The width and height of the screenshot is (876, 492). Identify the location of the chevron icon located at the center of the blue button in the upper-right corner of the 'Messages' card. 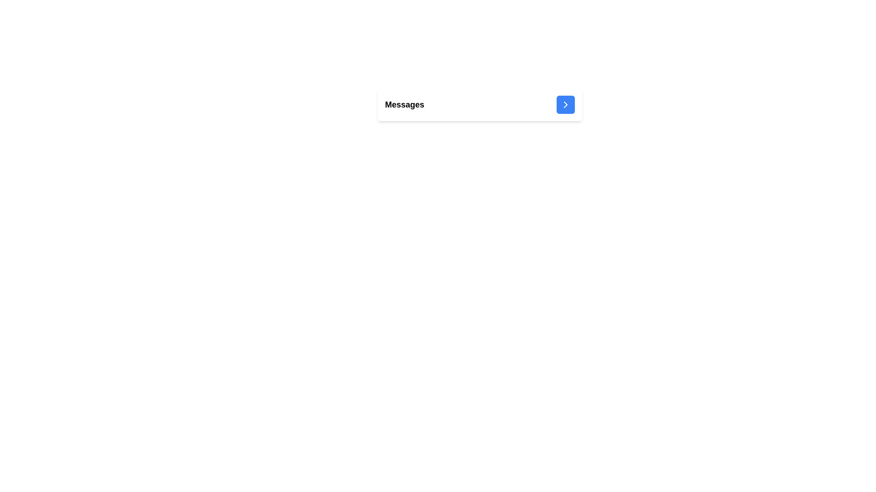
(565, 104).